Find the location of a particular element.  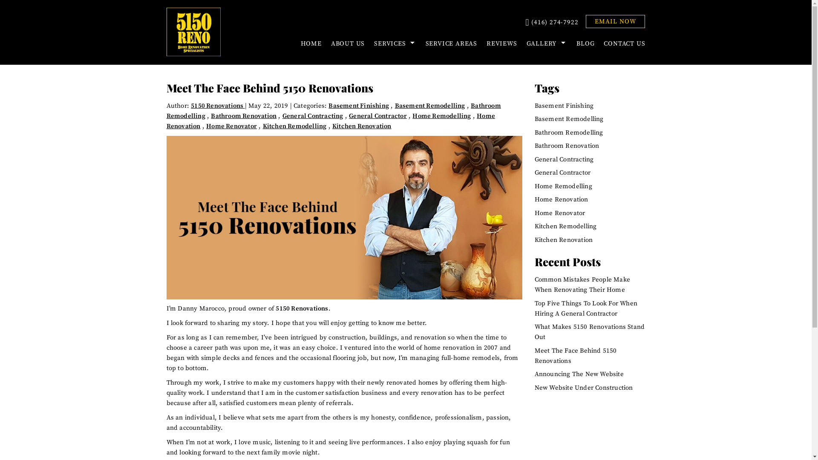

'Kitchen Remodelling' is located at coordinates (534, 226).